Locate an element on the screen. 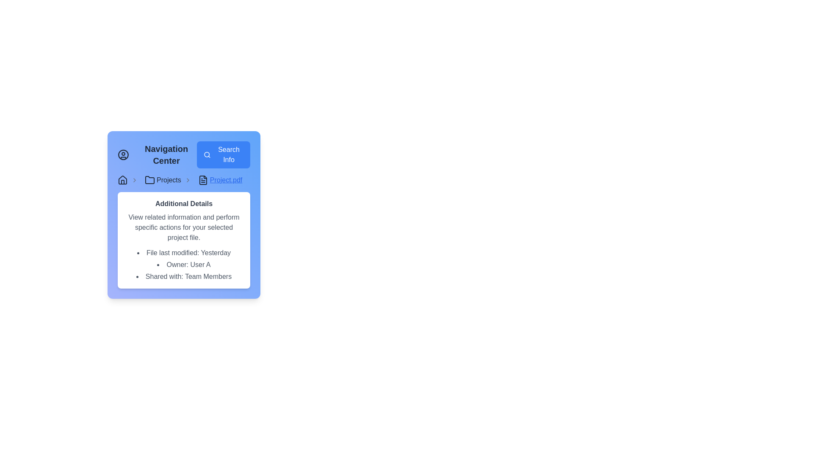  the 'Project.pdf' hyperlink with a file icon located is located at coordinates (220, 179).